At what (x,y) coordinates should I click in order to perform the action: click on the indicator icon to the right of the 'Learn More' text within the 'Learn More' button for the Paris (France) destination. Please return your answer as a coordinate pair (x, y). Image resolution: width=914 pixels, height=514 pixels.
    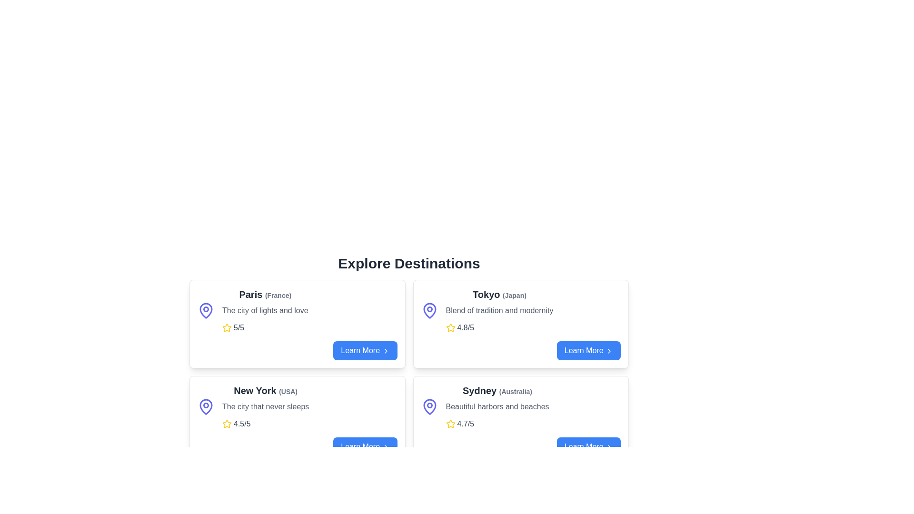
    Looking at the image, I should click on (386, 351).